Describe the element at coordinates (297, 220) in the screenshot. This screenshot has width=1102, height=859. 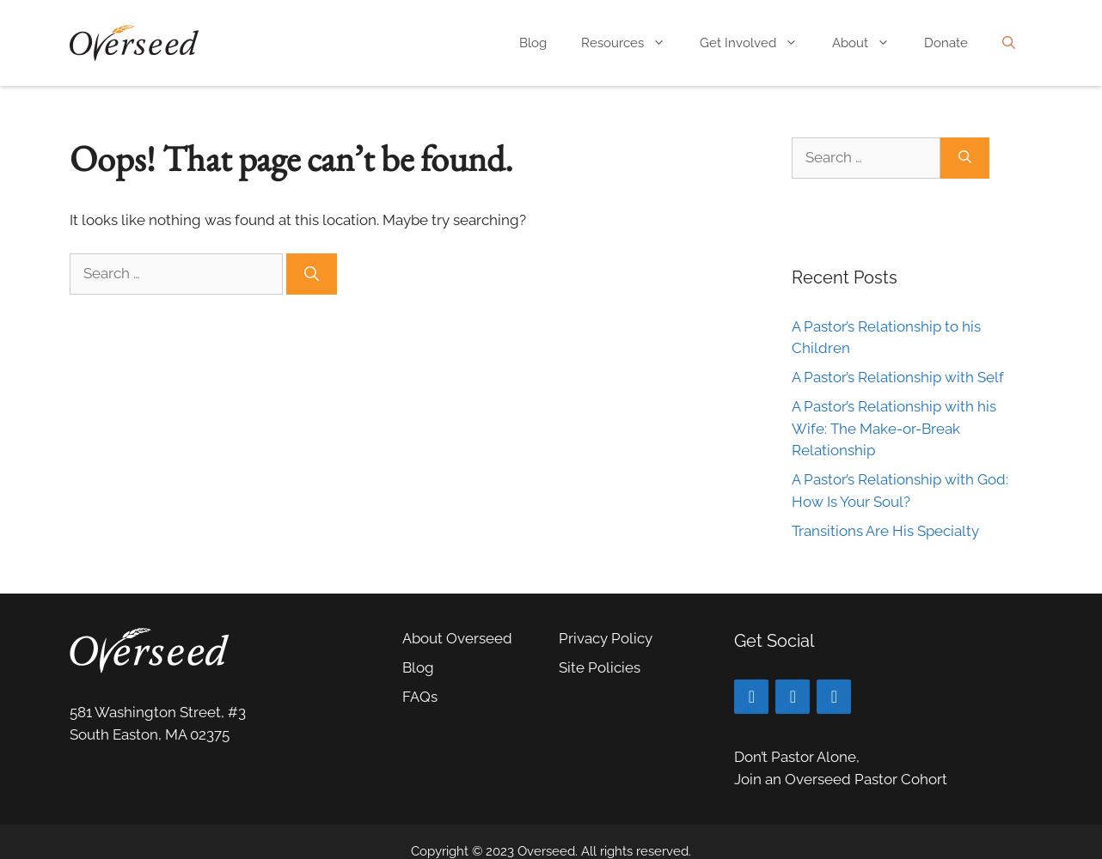
I see `'It looks like nothing was found at this location. Maybe try searching?'` at that location.